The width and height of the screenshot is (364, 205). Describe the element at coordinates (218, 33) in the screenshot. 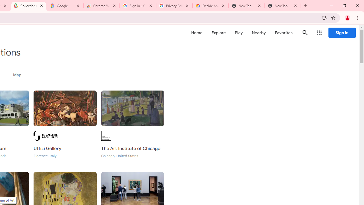

I see `'Explore'` at that location.